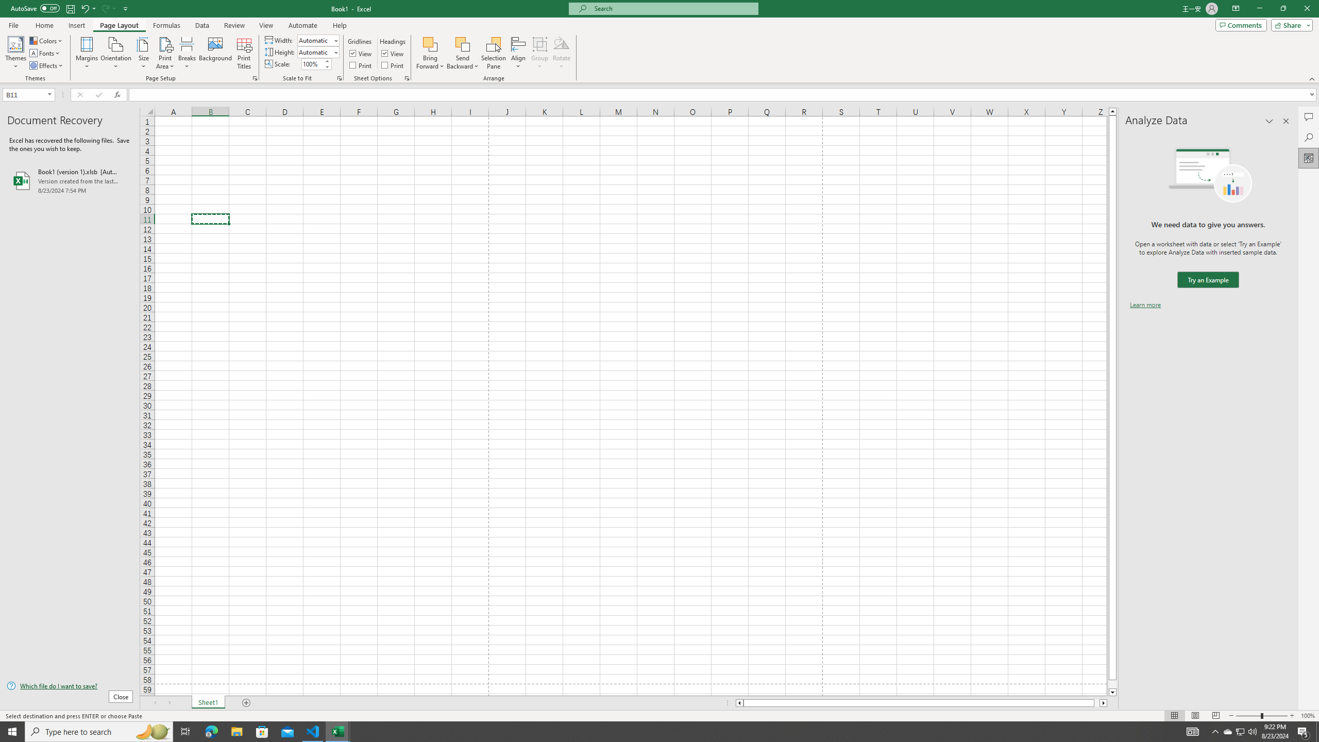  I want to click on 'Orientation', so click(115, 53).